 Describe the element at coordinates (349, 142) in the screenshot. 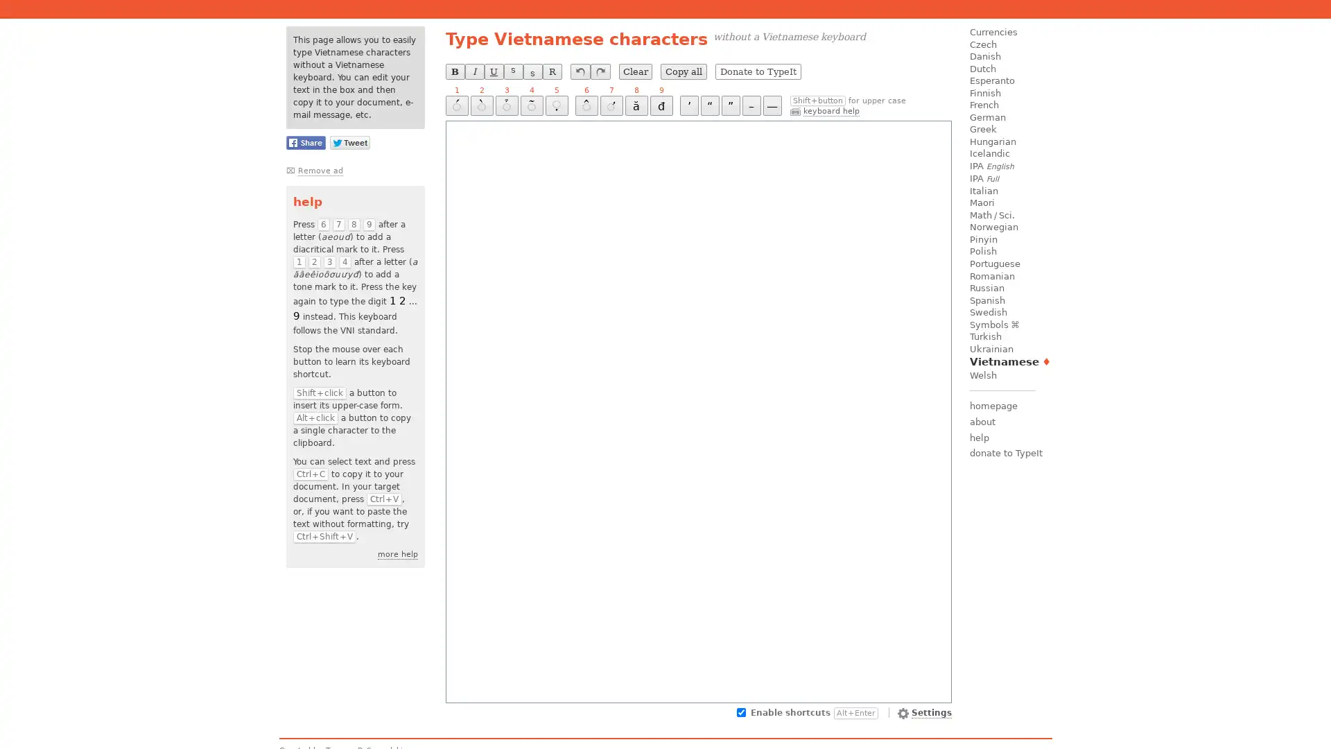

I see `Share this page on Twitter` at that location.